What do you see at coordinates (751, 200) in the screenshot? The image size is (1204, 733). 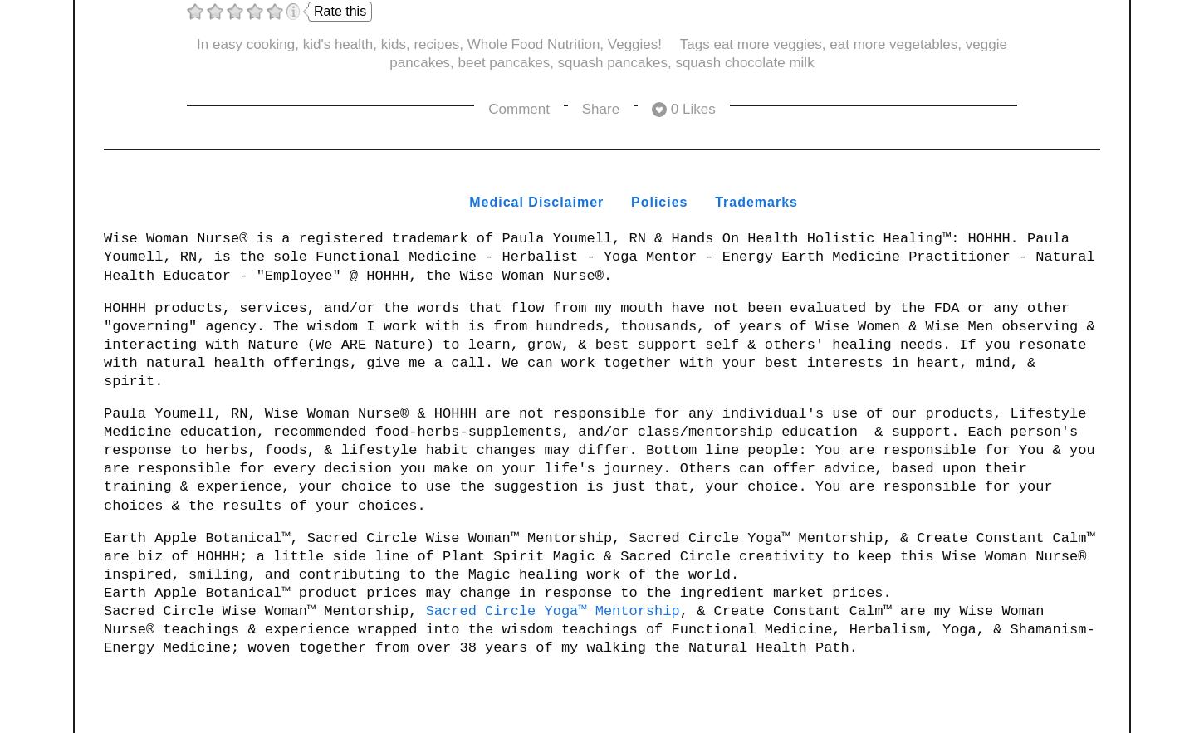 I see `'Trademark'` at bounding box center [751, 200].